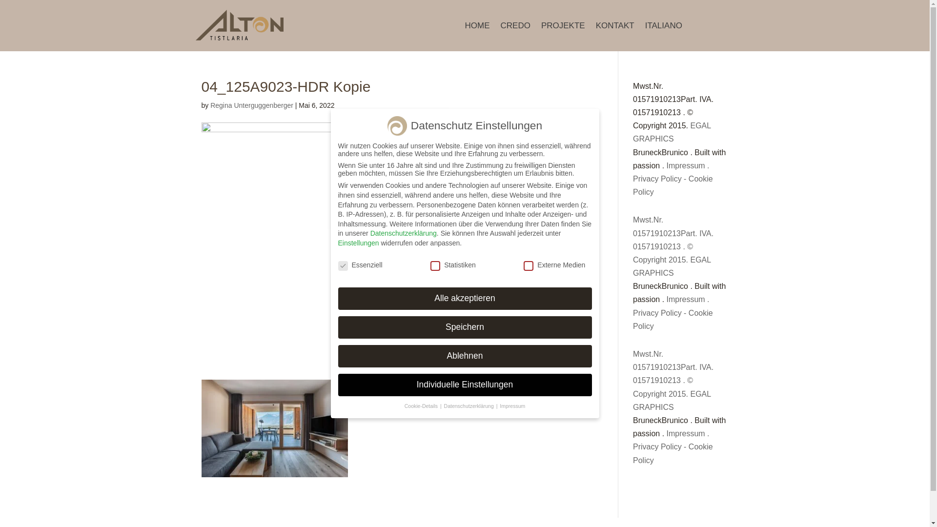 The width and height of the screenshot is (937, 527). What do you see at coordinates (707, 165) in the screenshot?
I see `'.'` at bounding box center [707, 165].